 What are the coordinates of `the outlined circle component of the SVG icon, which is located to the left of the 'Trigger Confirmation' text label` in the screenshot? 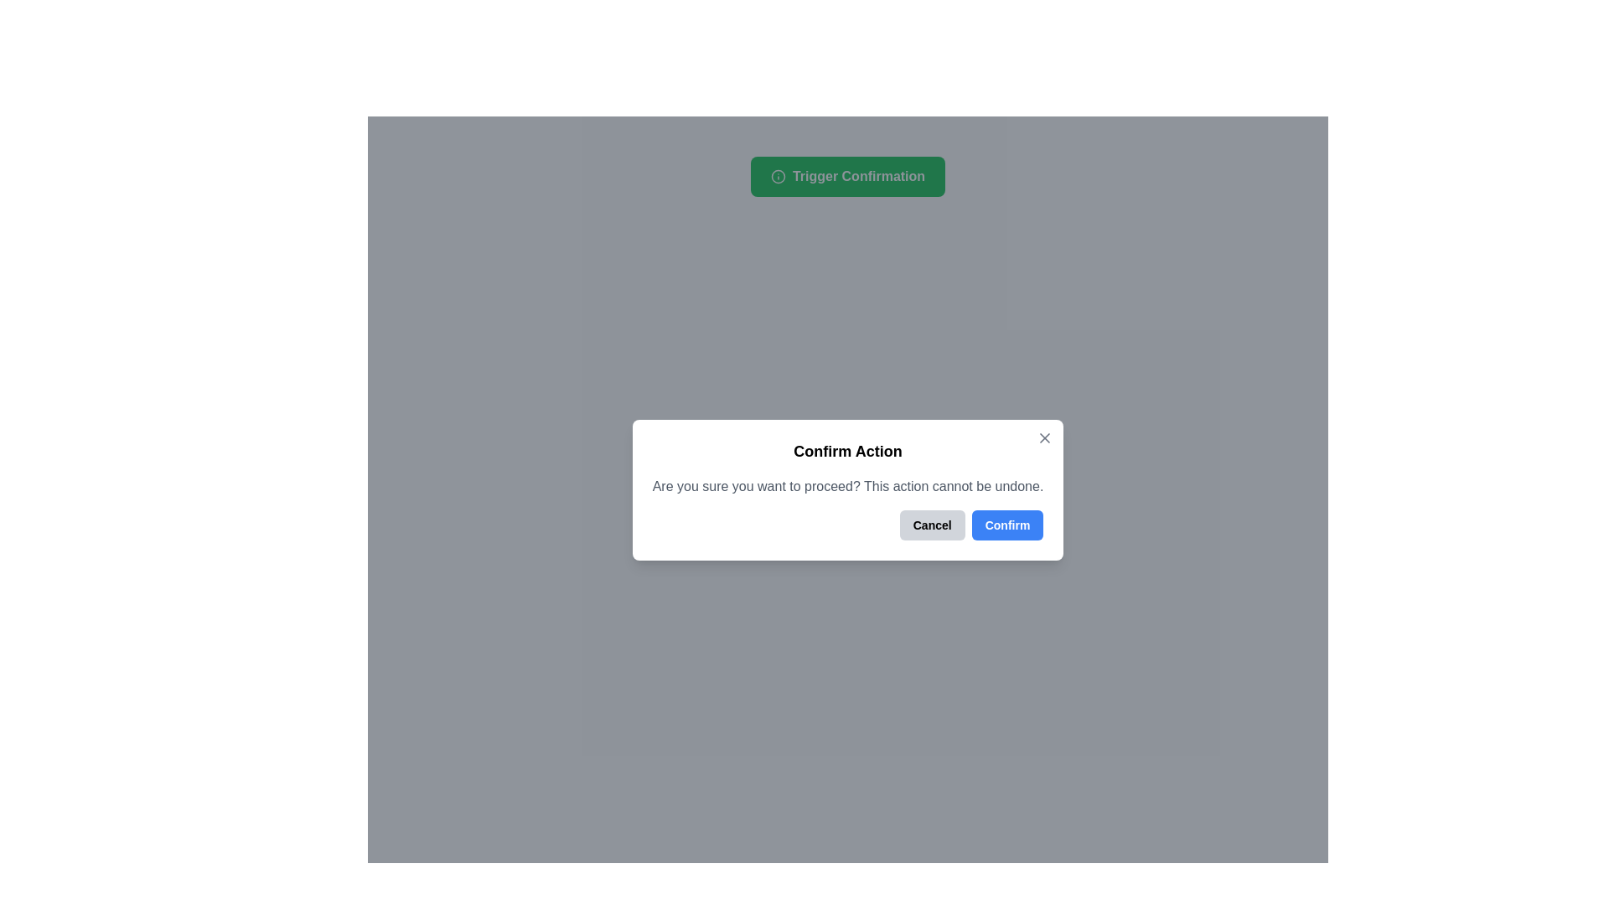 It's located at (777, 177).